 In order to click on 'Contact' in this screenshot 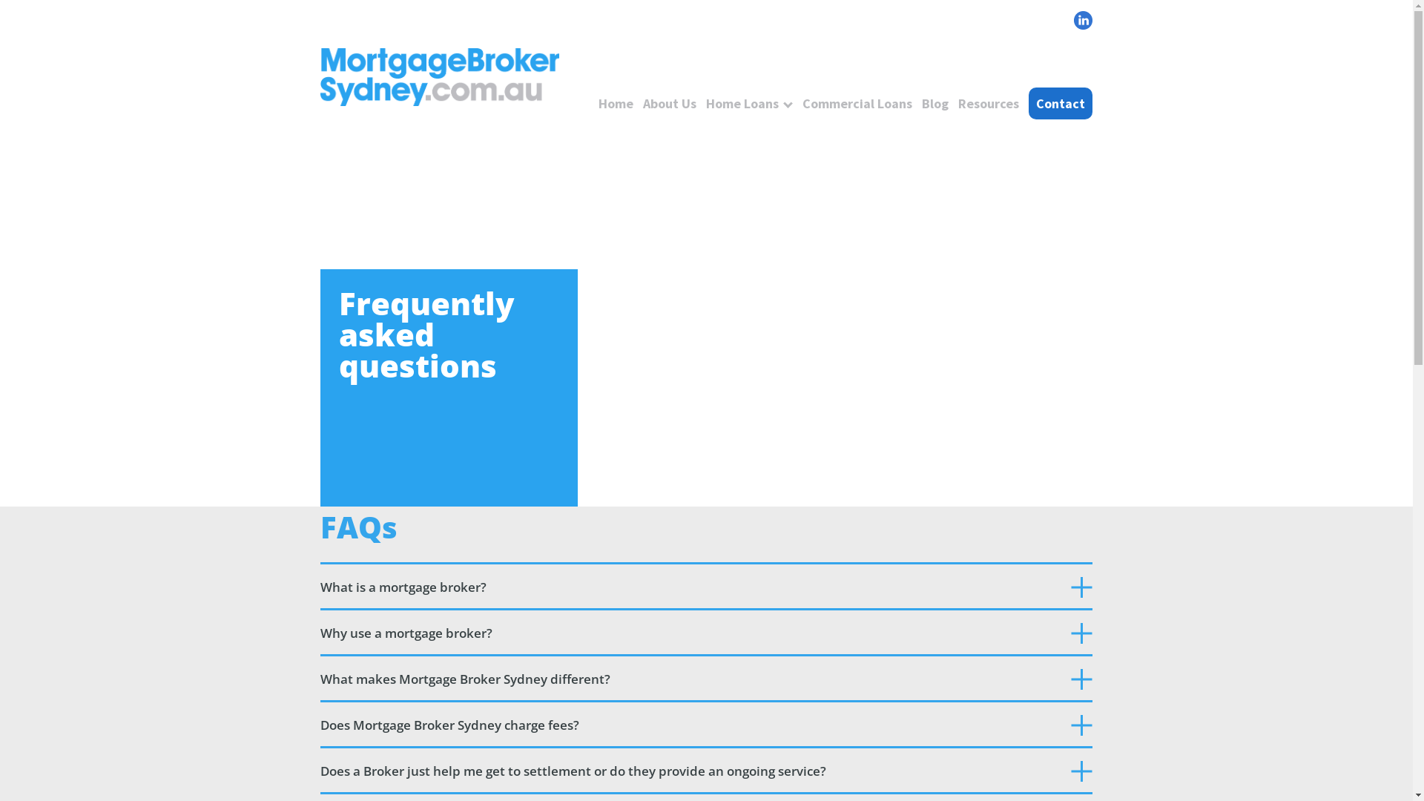, I will do `click(1060, 102)`.